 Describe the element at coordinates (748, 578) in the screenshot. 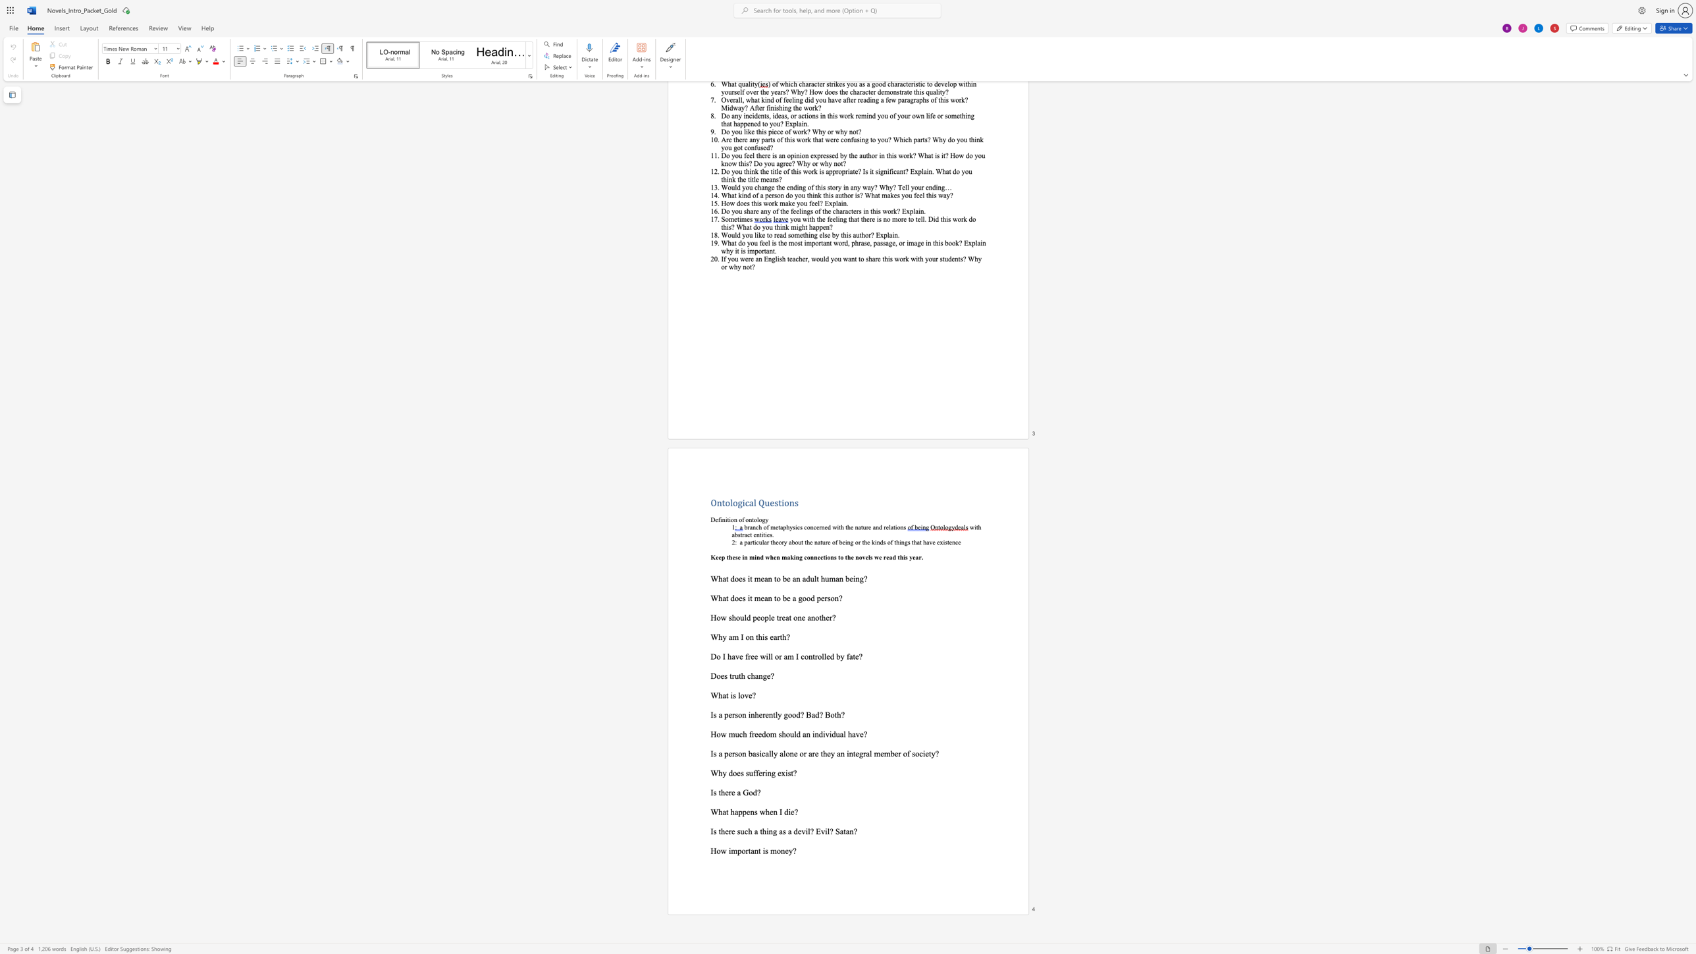

I see `the 1th character "i" in the text` at that location.